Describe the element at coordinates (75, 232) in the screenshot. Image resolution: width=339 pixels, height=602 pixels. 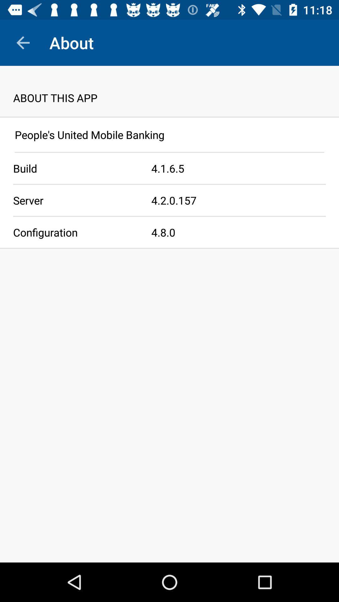
I see `the configuration item` at that location.